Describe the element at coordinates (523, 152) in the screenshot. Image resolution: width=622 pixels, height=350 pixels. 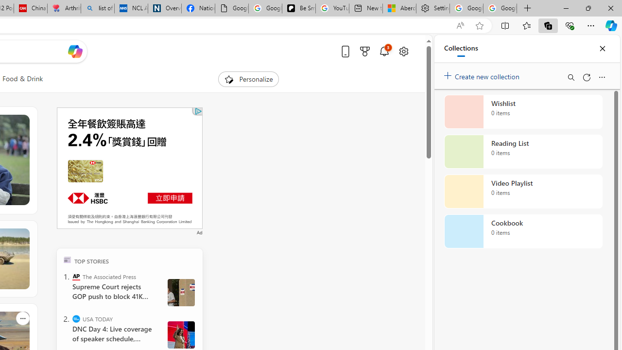
I see `'Reading List collection, 0 items'` at that location.